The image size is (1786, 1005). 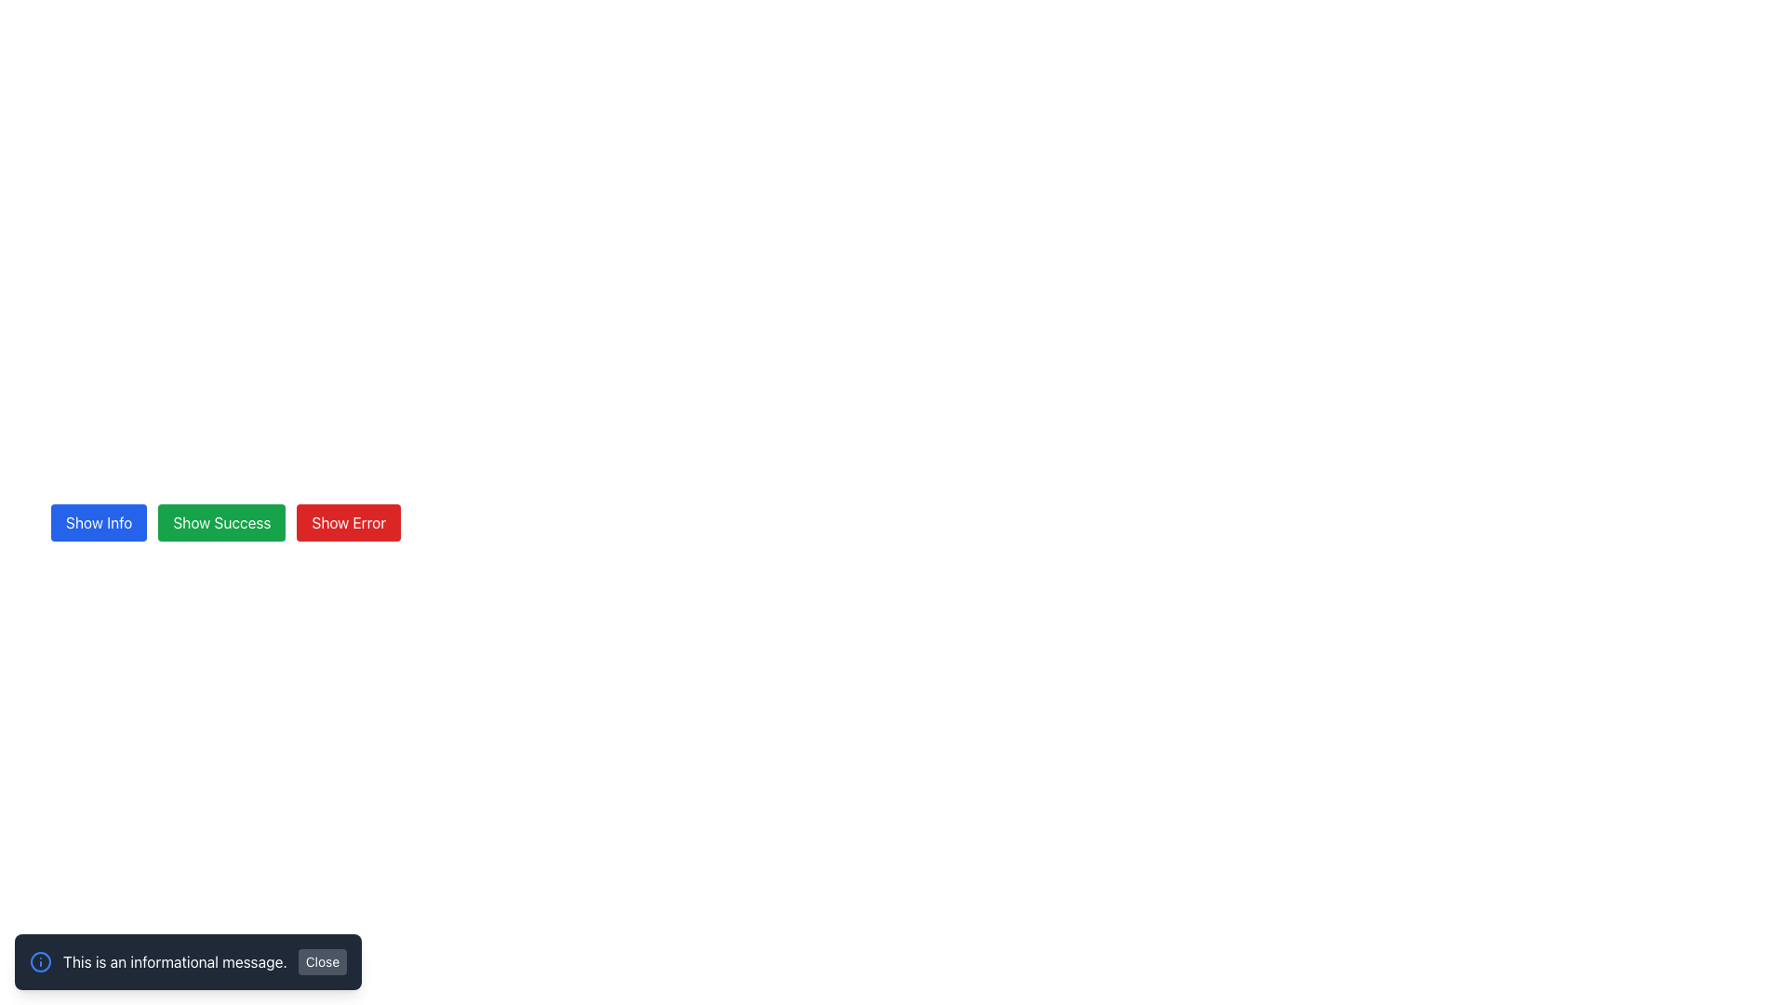 What do you see at coordinates (322, 961) in the screenshot?
I see `the 'Close' button with a dark gray background and white text located at the bottom-left corner of the interface to observe the hover effect` at bounding box center [322, 961].